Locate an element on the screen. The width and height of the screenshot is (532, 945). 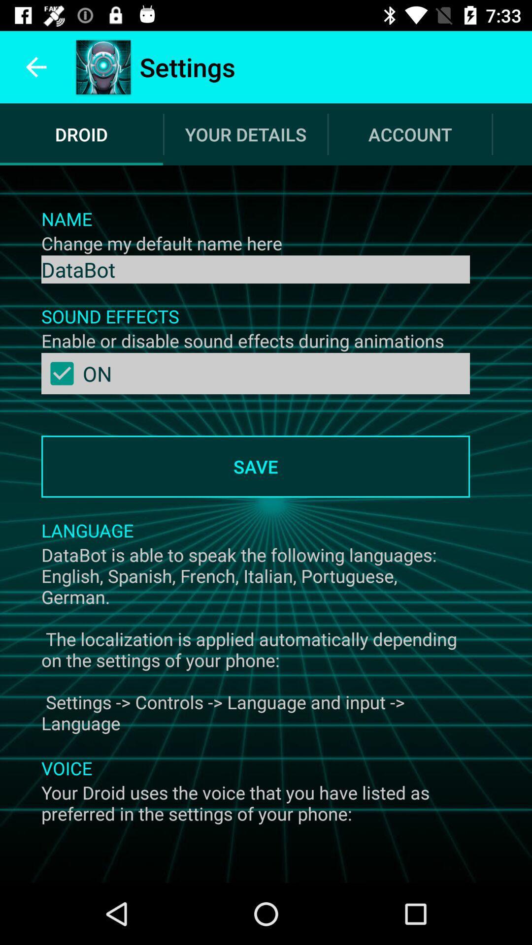
icon above the language is located at coordinates (255, 466).